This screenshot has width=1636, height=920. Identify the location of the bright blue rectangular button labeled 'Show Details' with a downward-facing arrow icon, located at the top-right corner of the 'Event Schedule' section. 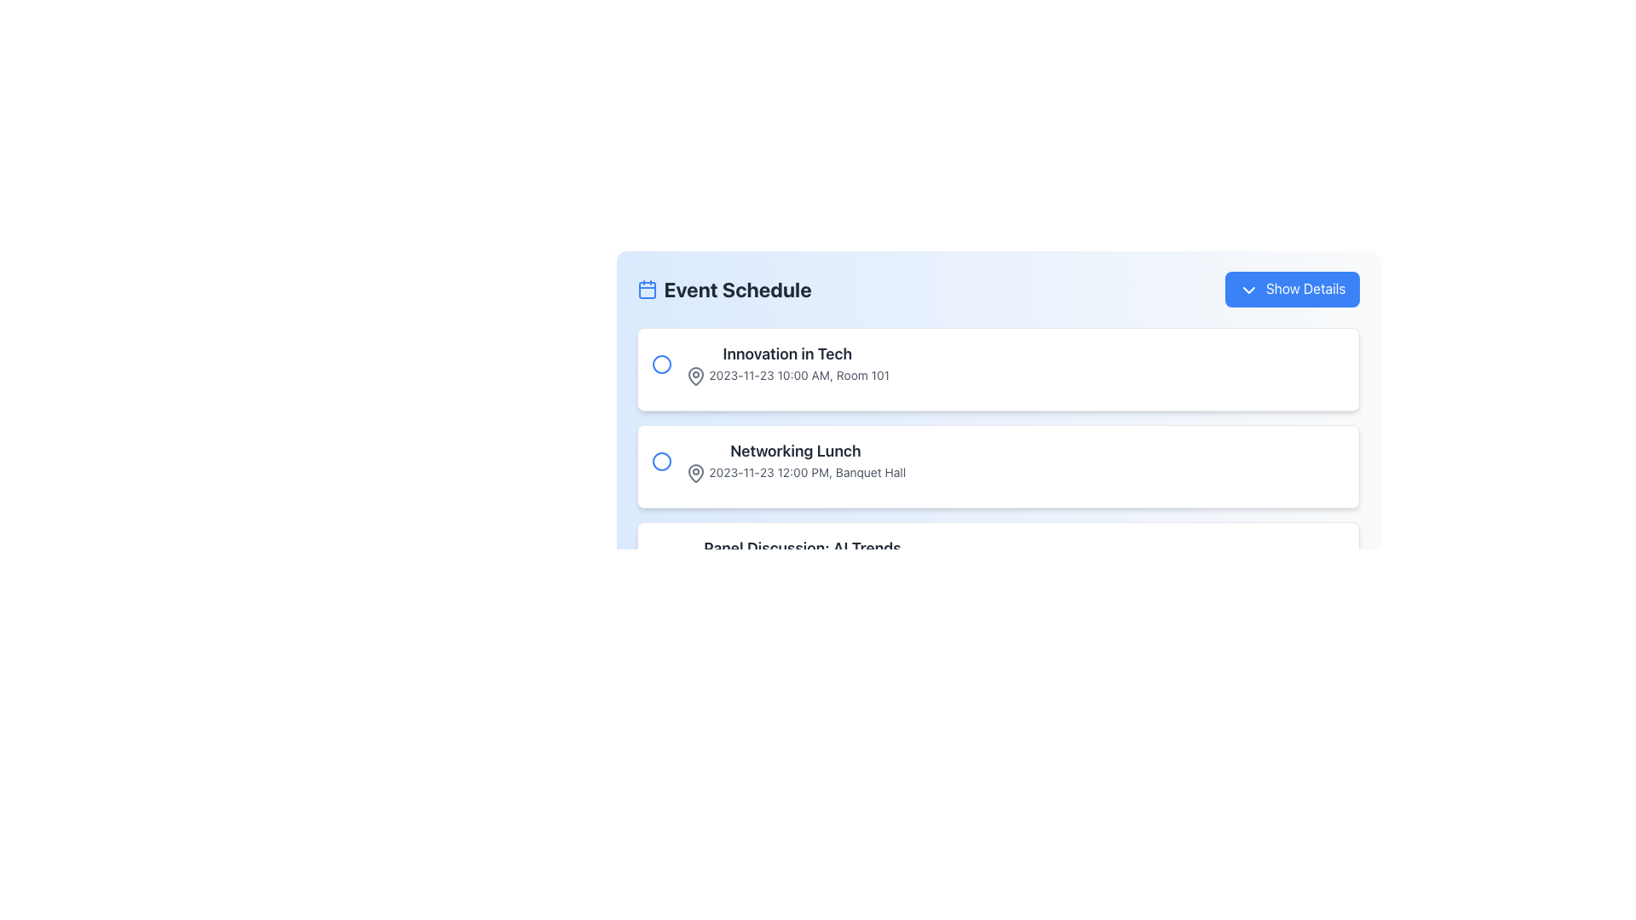
(1292, 288).